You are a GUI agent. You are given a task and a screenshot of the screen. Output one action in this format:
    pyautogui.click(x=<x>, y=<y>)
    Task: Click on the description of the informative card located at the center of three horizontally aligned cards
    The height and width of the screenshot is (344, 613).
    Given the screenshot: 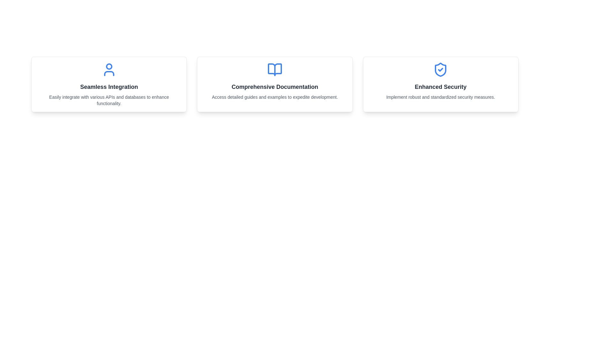 What is the action you would take?
    pyautogui.click(x=275, y=84)
    